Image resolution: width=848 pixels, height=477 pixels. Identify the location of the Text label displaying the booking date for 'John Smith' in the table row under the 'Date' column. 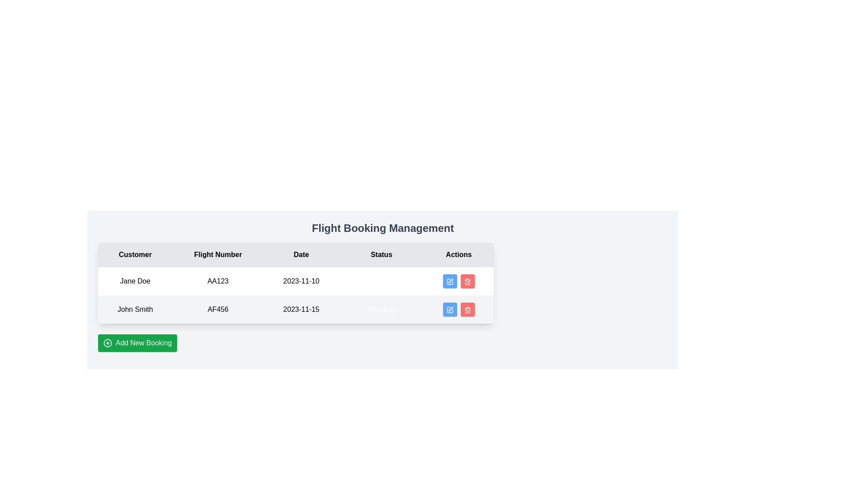
(301, 309).